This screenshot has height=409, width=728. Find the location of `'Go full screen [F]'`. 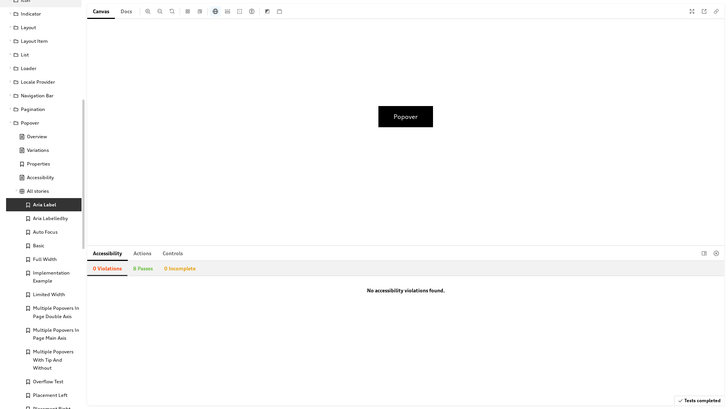

'Go full screen [F]' is located at coordinates (692, 11).